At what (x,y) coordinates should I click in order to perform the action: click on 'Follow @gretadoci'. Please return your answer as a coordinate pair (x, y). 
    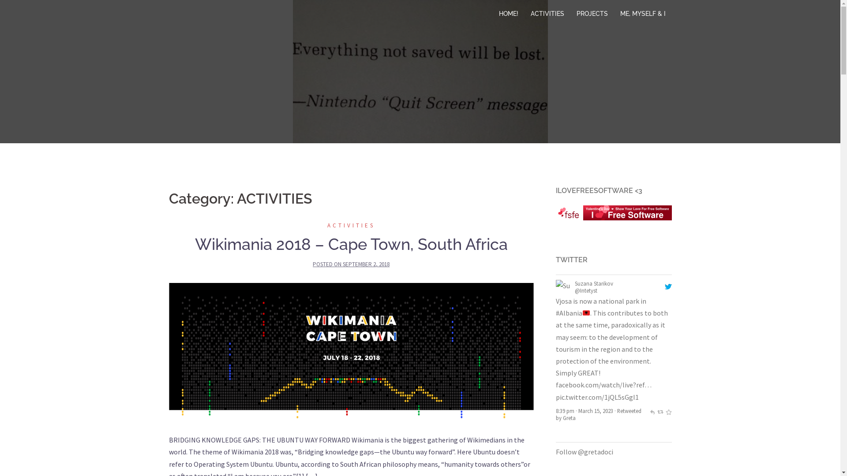
    Looking at the image, I should click on (584, 452).